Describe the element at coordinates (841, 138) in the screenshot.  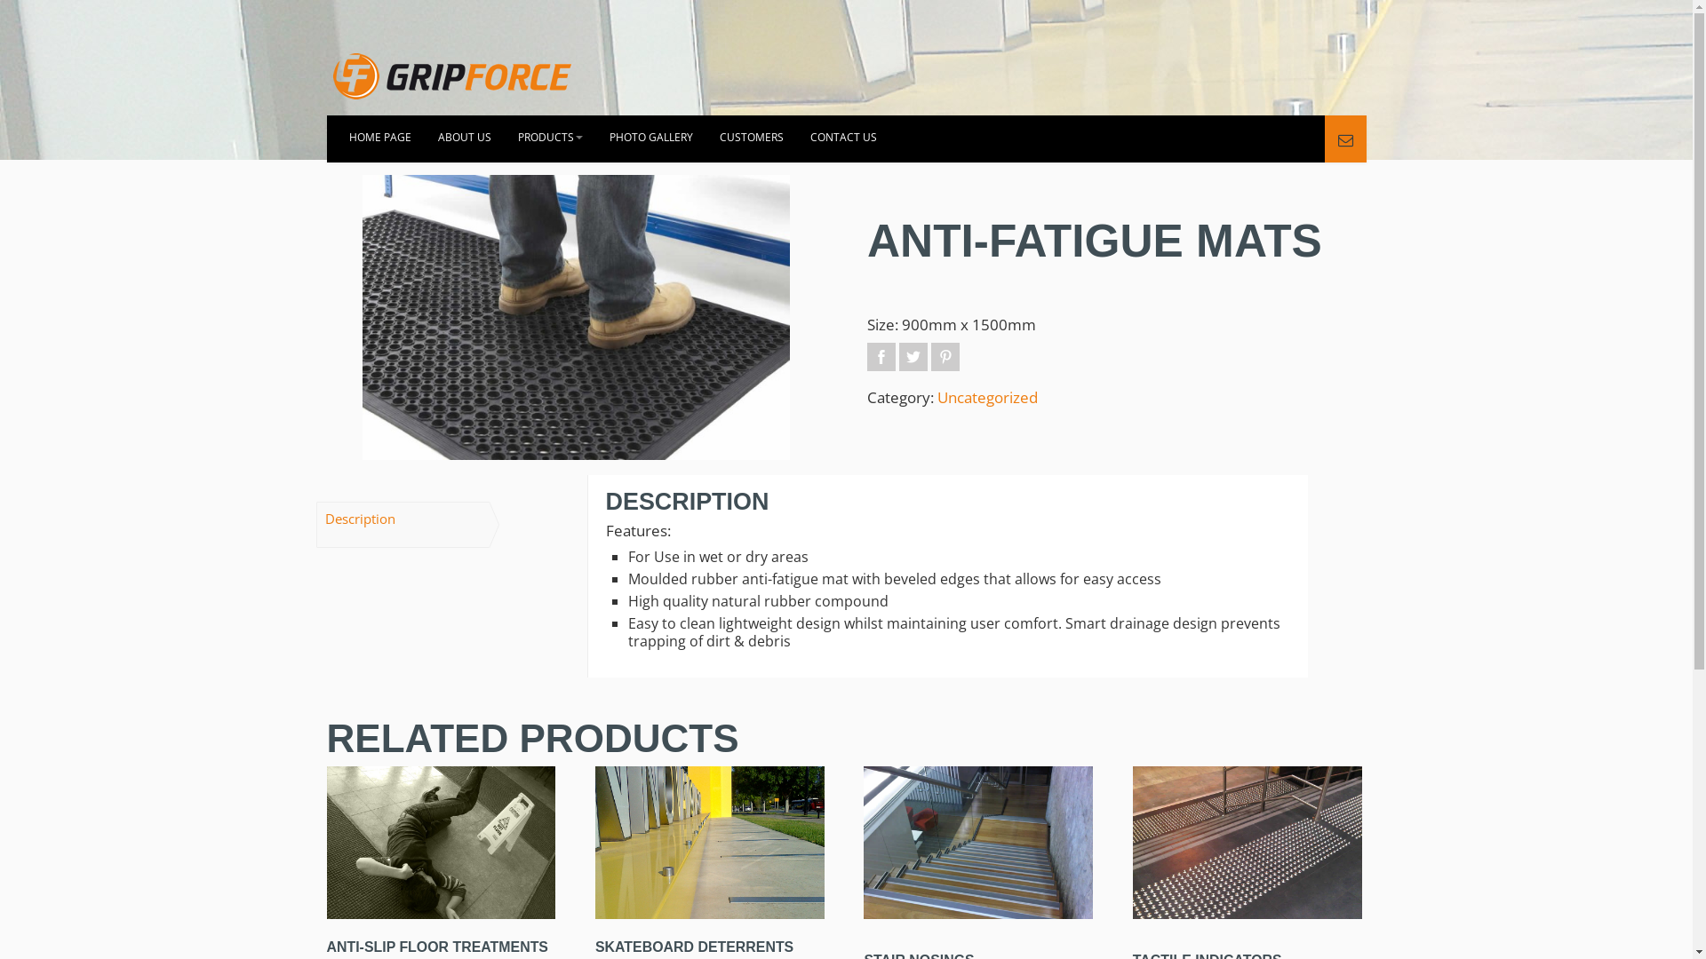
I see `'CONTACT US'` at that location.